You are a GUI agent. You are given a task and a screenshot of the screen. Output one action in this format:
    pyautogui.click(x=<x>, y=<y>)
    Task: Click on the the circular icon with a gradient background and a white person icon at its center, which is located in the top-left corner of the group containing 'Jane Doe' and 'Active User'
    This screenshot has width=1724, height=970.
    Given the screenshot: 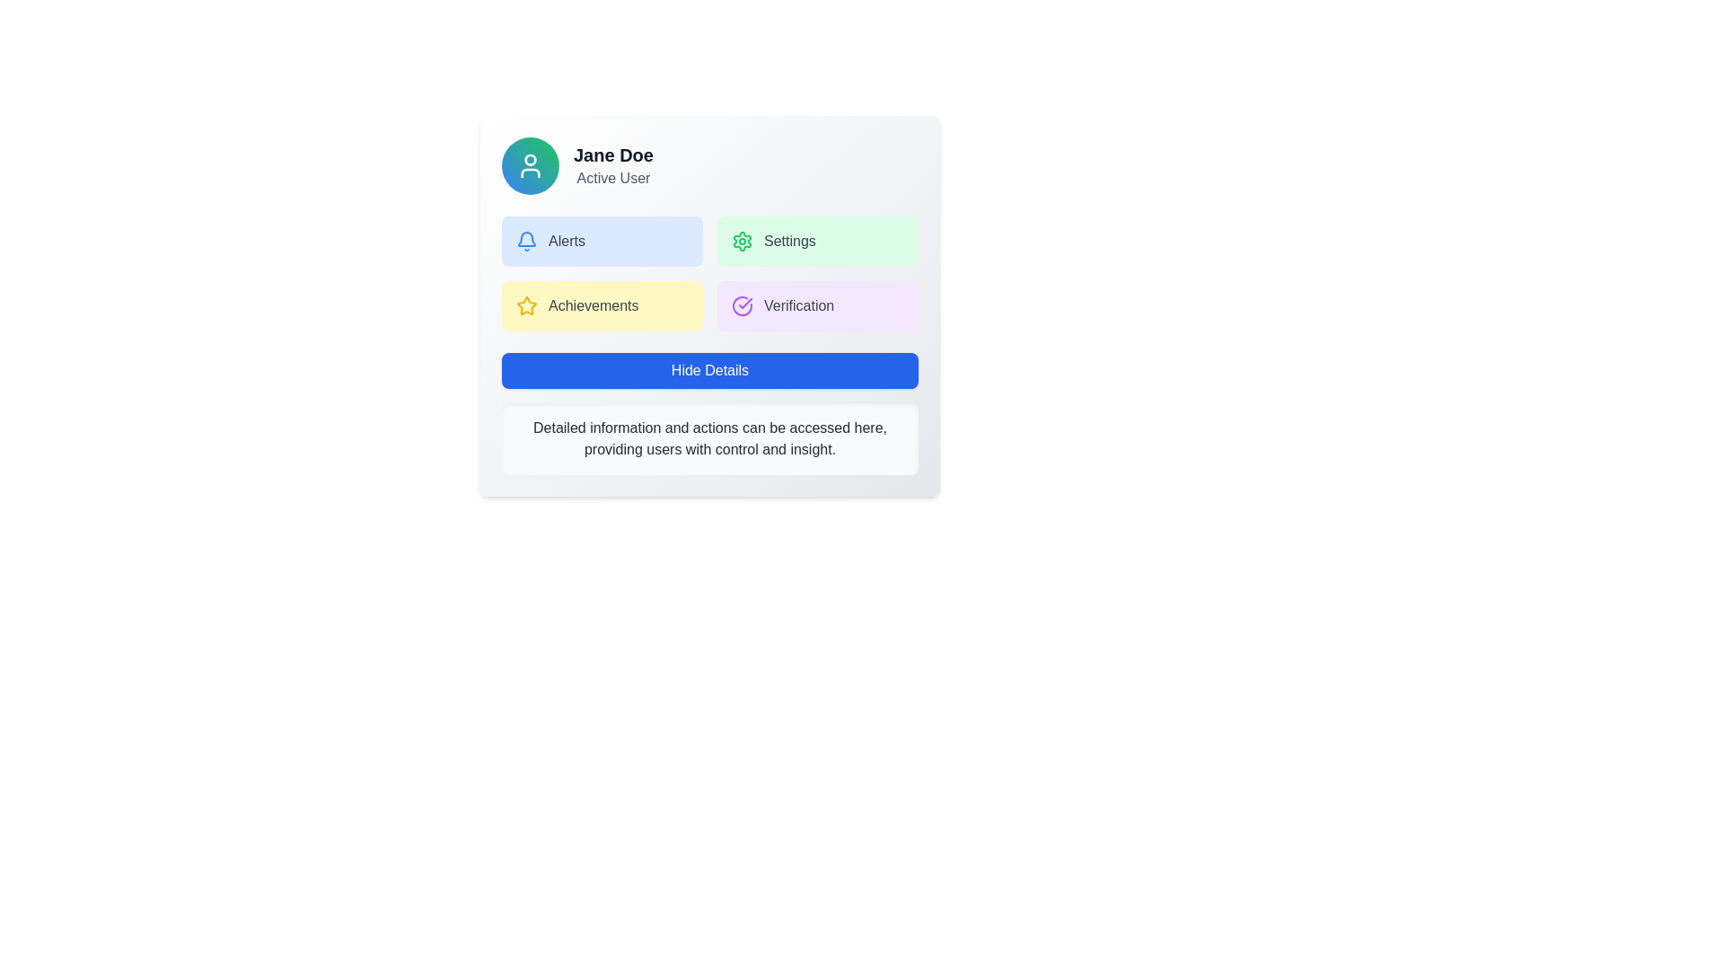 What is the action you would take?
    pyautogui.click(x=529, y=166)
    